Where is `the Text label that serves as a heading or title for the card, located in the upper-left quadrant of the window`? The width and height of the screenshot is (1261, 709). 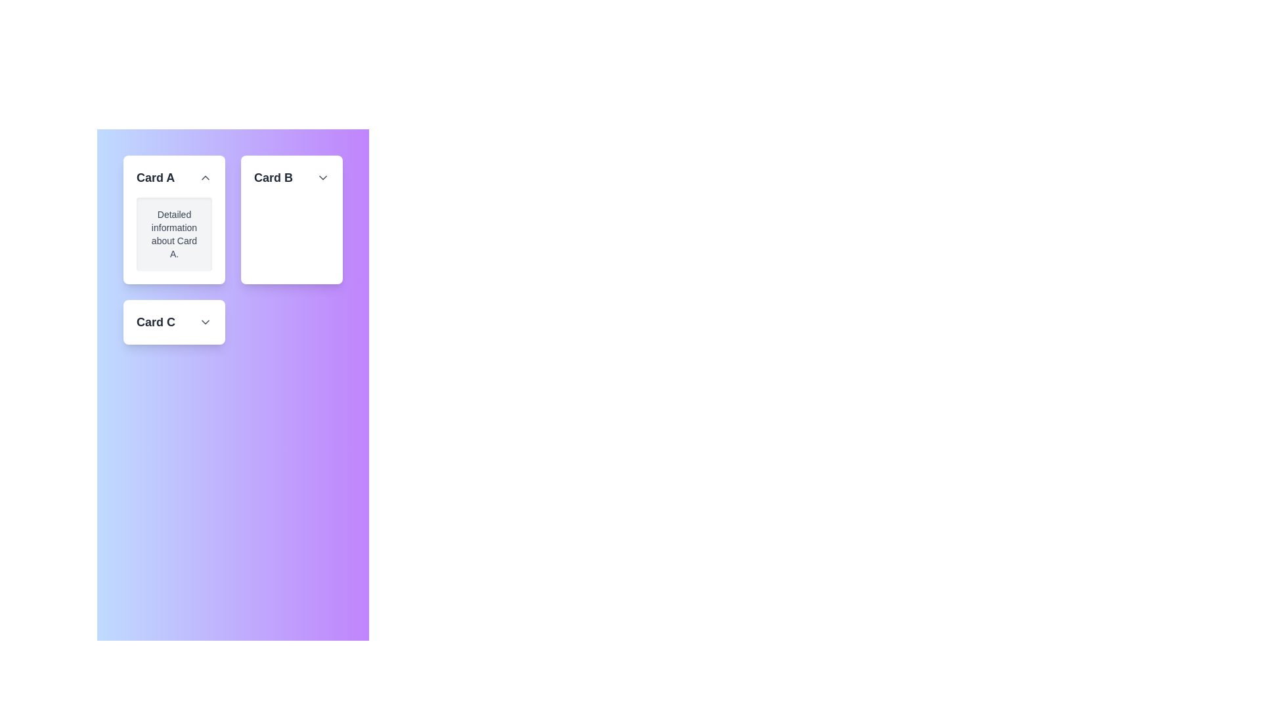 the Text label that serves as a heading or title for the card, located in the upper-left quadrant of the window is located at coordinates (156, 177).